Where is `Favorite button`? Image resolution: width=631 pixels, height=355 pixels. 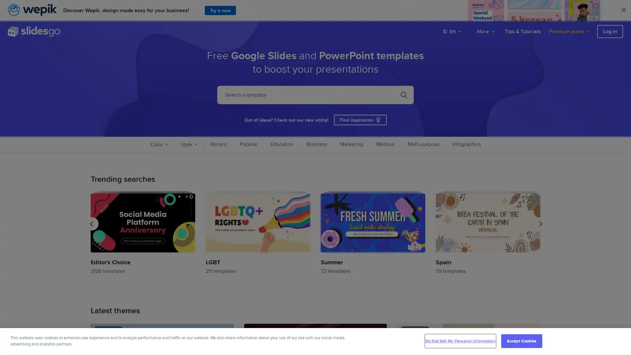
Favorite button is located at coordinates (226, 331).